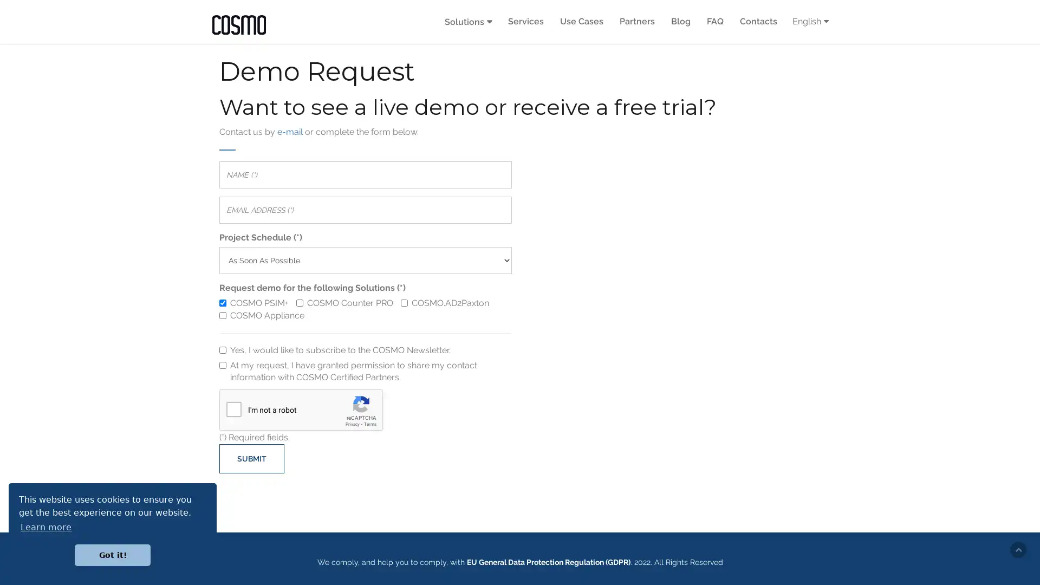  What do you see at coordinates (45, 526) in the screenshot?
I see `learn more about cookies` at bounding box center [45, 526].